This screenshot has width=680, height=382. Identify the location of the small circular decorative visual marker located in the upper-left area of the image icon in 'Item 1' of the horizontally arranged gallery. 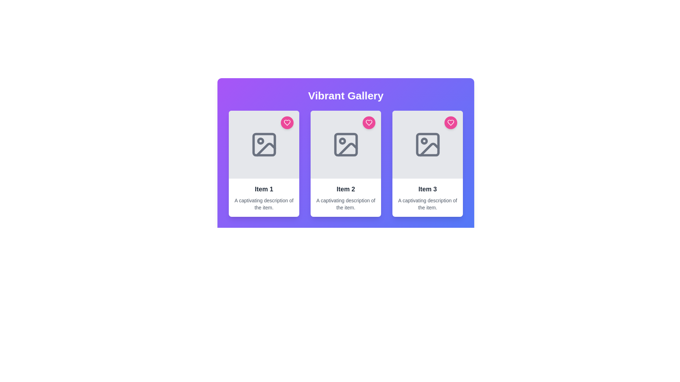
(260, 141).